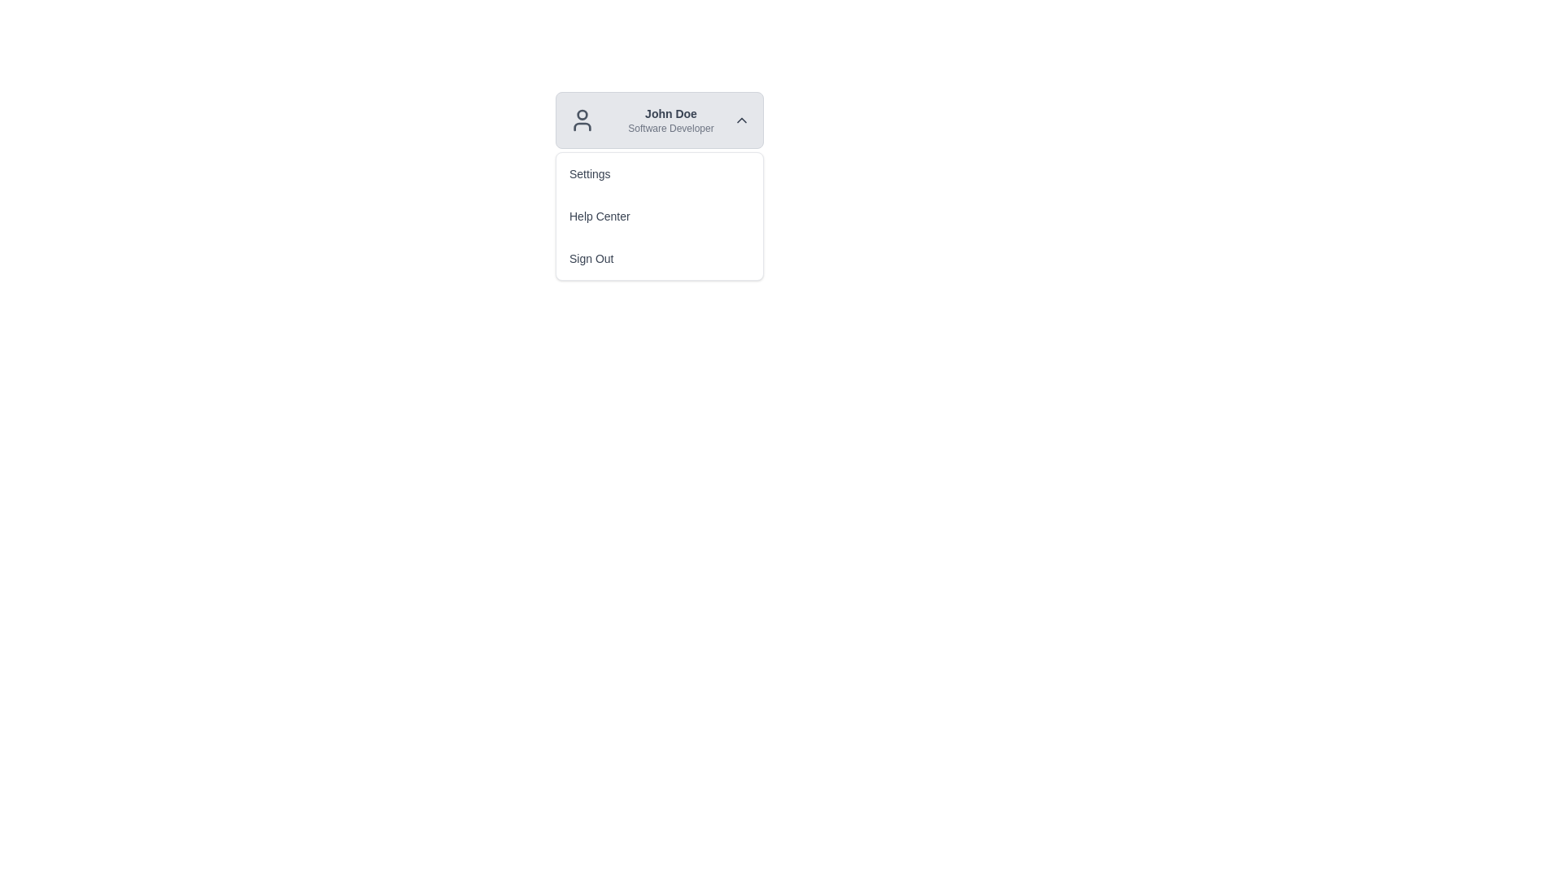  I want to click on the user profile SVG icon located to the left of the text 'John Doe', which visually represents the user's identity, so click(582, 119).